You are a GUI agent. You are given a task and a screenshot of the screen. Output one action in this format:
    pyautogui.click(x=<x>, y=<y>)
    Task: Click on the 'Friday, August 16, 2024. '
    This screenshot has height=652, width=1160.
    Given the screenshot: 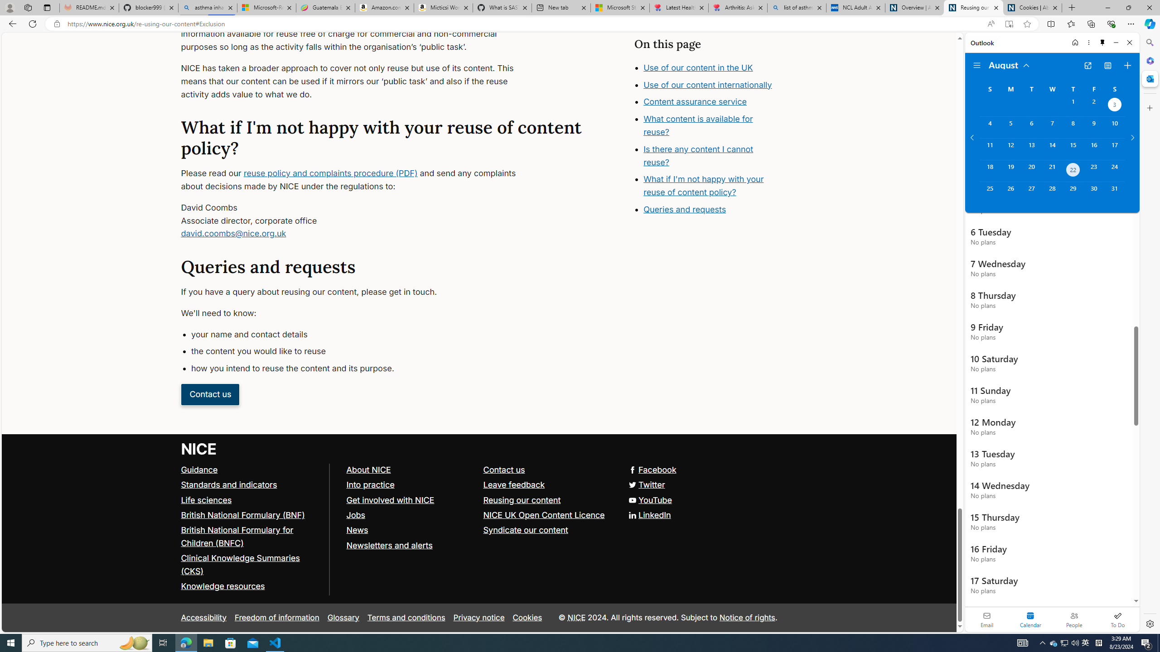 What is the action you would take?
    pyautogui.click(x=1093, y=149)
    